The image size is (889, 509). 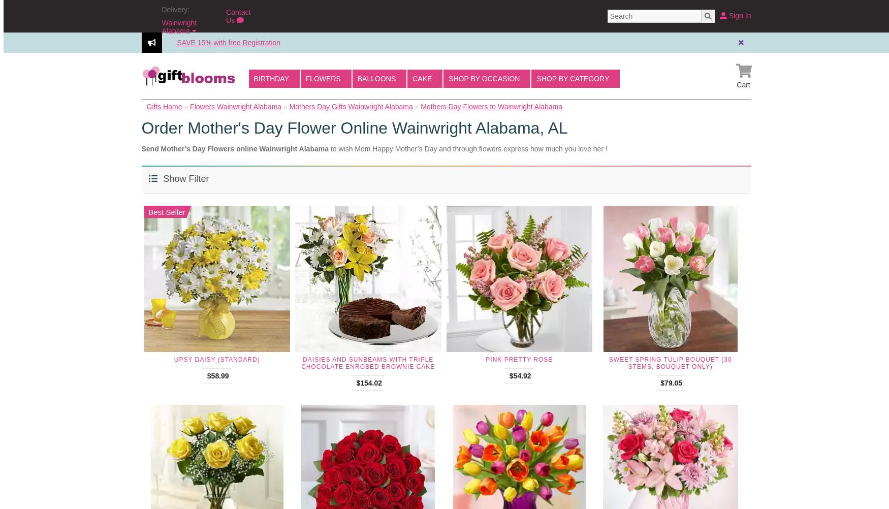 I want to click on 'USA', so click(x=187, y=53).